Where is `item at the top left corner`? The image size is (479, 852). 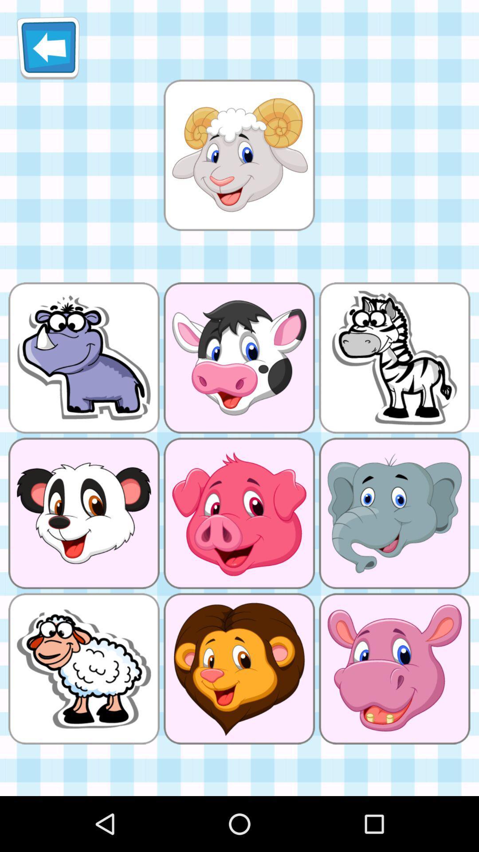
item at the top left corner is located at coordinates (48, 47).